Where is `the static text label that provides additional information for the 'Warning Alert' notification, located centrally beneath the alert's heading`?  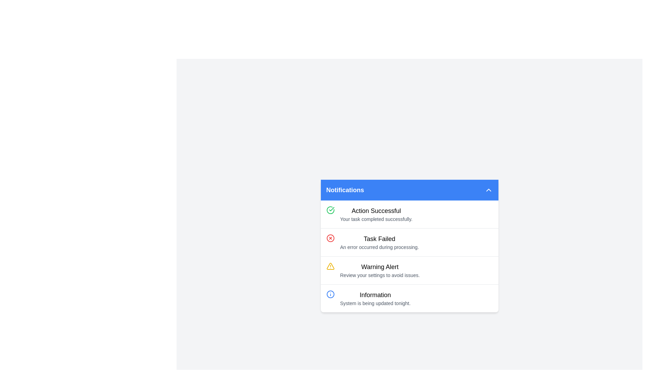 the static text label that provides additional information for the 'Warning Alert' notification, located centrally beneath the alert's heading is located at coordinates (379, 275).